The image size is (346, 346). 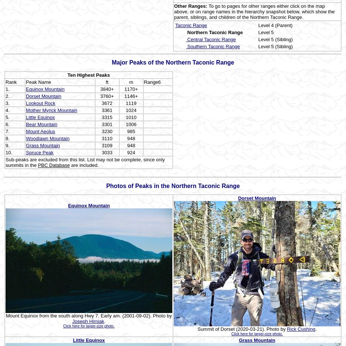 I want to click on 'Mother Myrick Mountain', so click(x=51, y=110).